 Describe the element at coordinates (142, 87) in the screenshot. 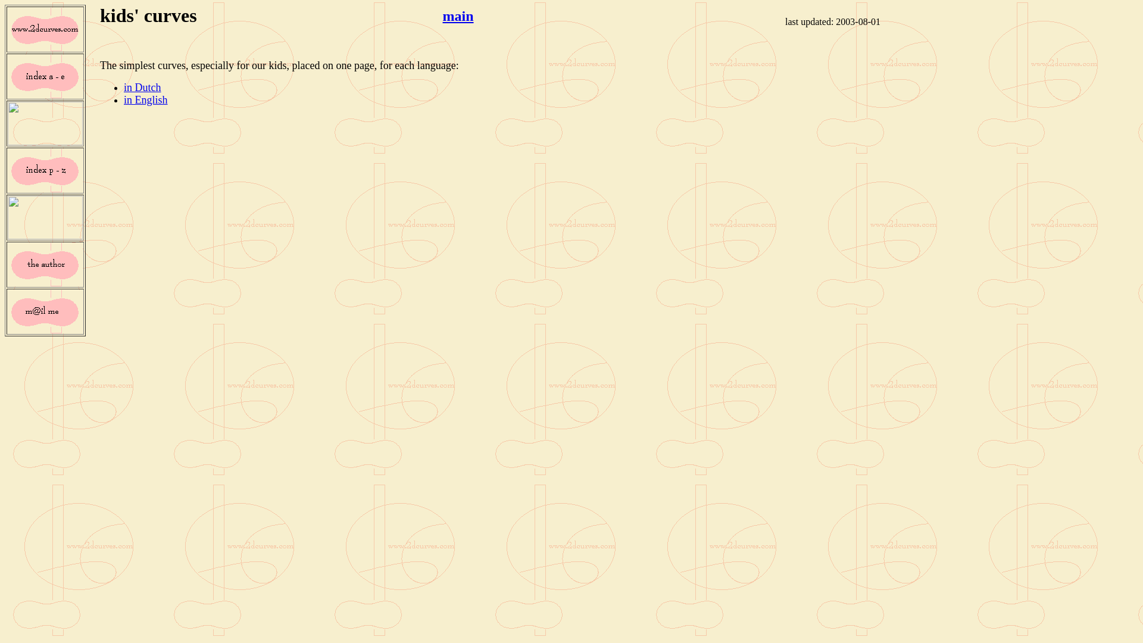

I see `'in Dutch'` at that location.